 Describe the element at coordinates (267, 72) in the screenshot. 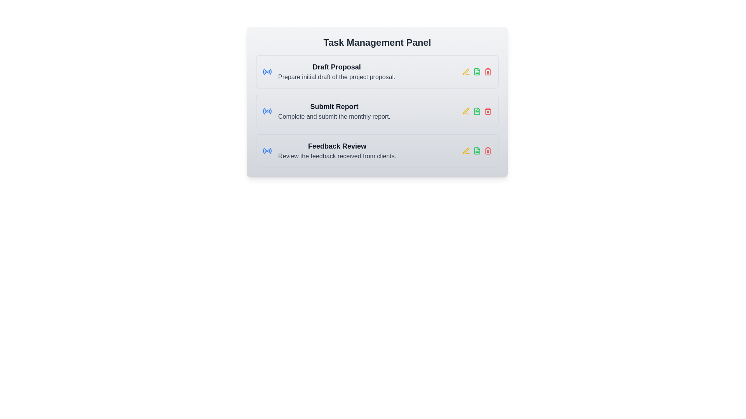

I see `the blue circular radiating pattern icon located to the left of the 'Draft Proposal' task entry` at that location.